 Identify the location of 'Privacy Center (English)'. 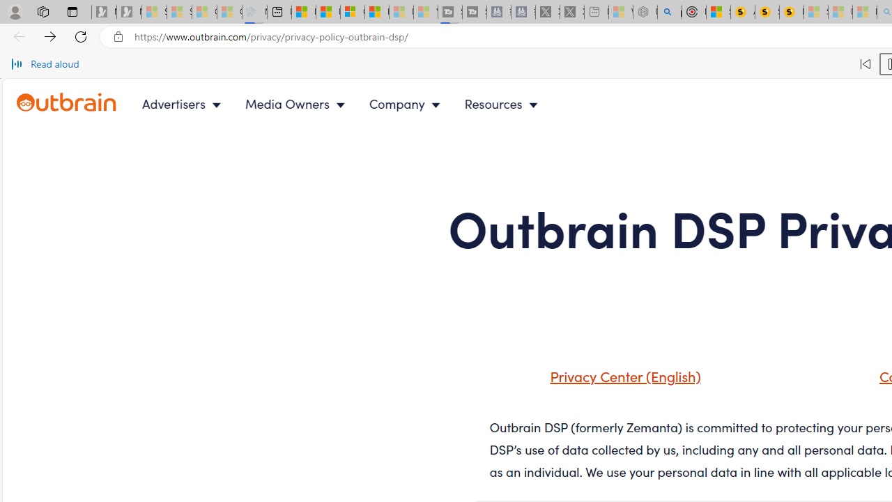
(608, 381).